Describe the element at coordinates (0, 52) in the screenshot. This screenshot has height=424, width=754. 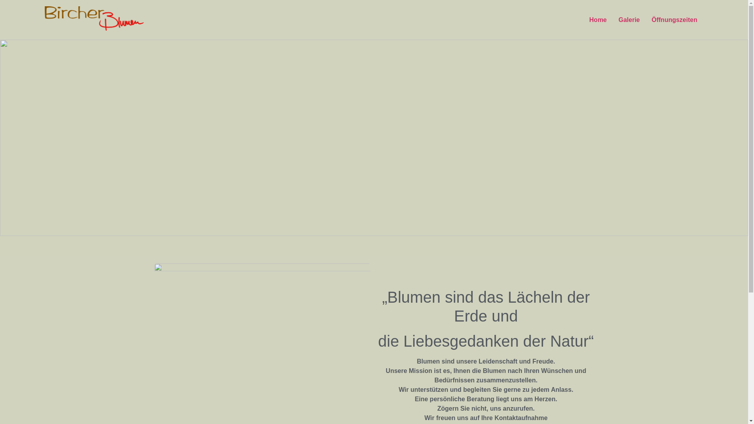
I see `'Home'` at that location.